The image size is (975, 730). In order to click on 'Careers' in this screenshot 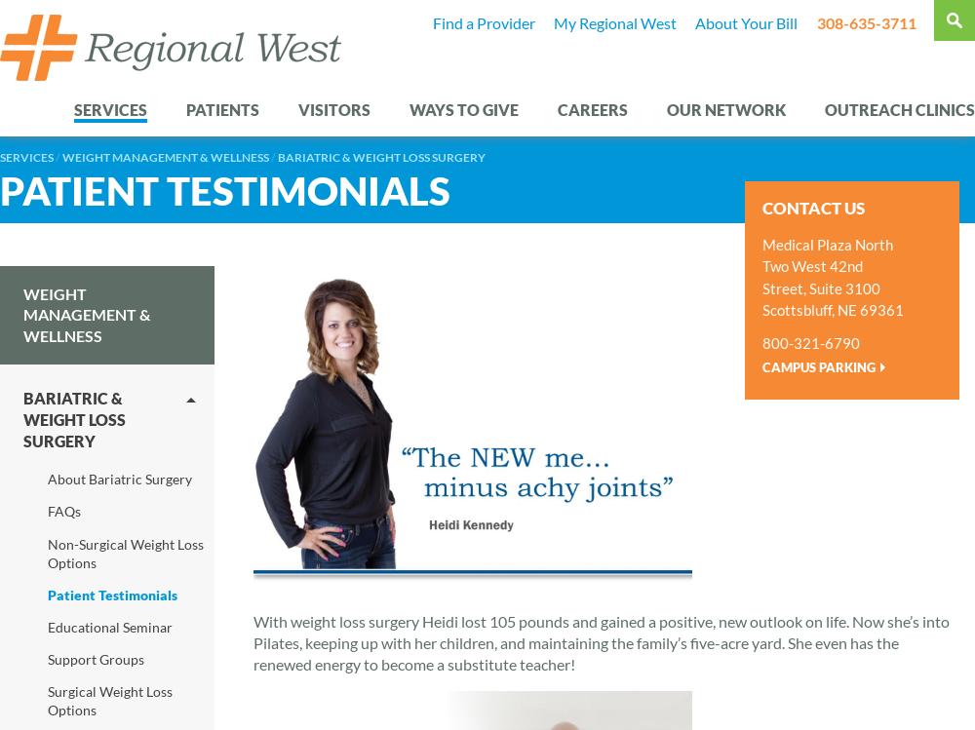, I will do `click(557, 108)`.